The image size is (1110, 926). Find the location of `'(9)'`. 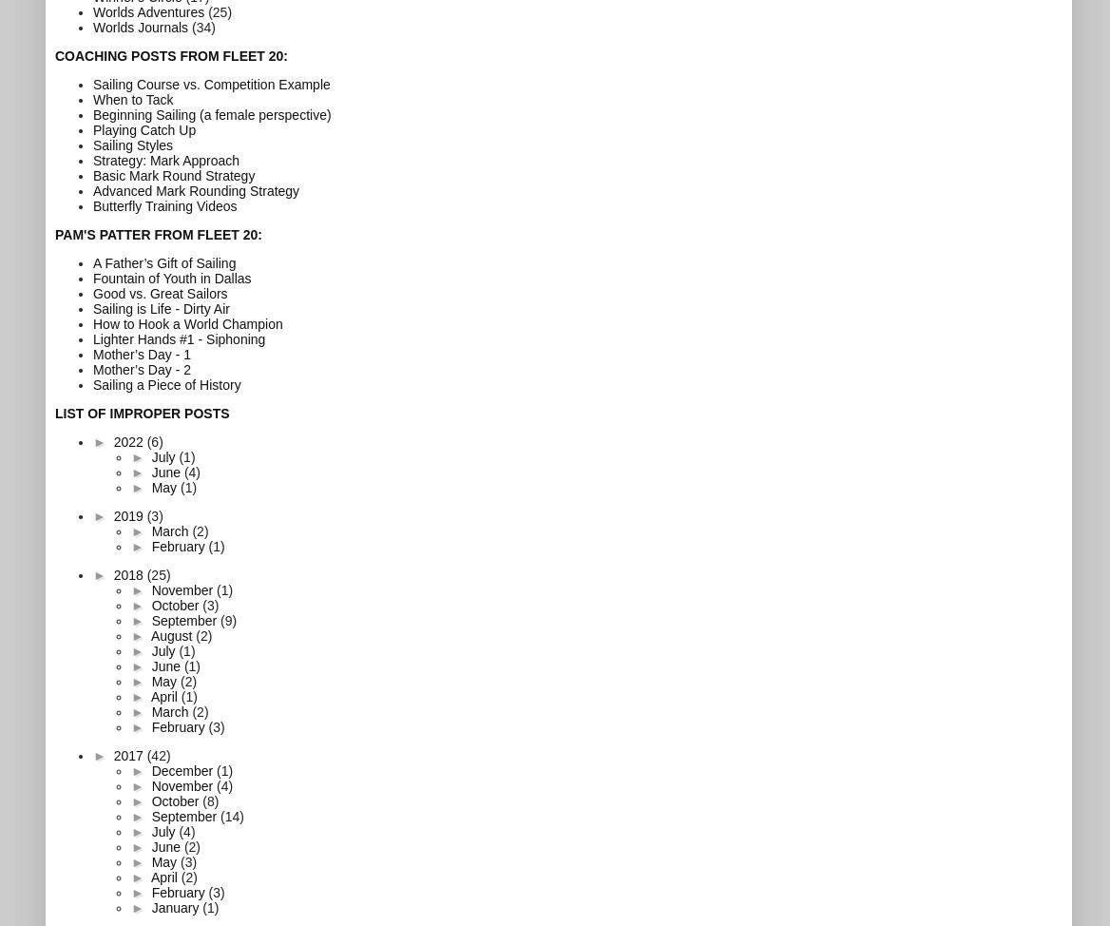

'(9)' is located at coordinates (227, 619).